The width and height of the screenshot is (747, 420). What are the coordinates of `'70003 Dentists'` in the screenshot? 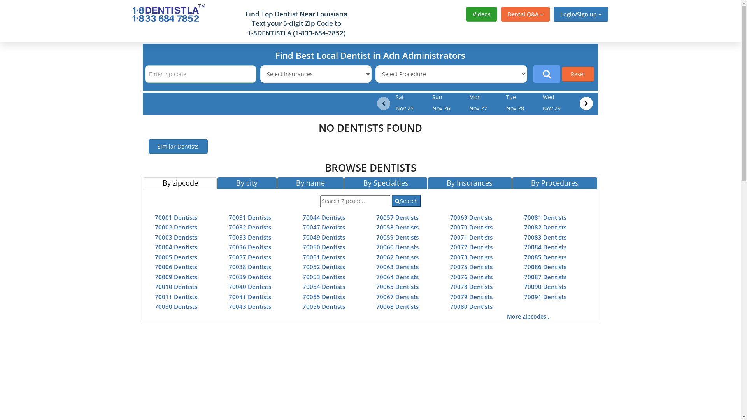 It's located at (175, 236).